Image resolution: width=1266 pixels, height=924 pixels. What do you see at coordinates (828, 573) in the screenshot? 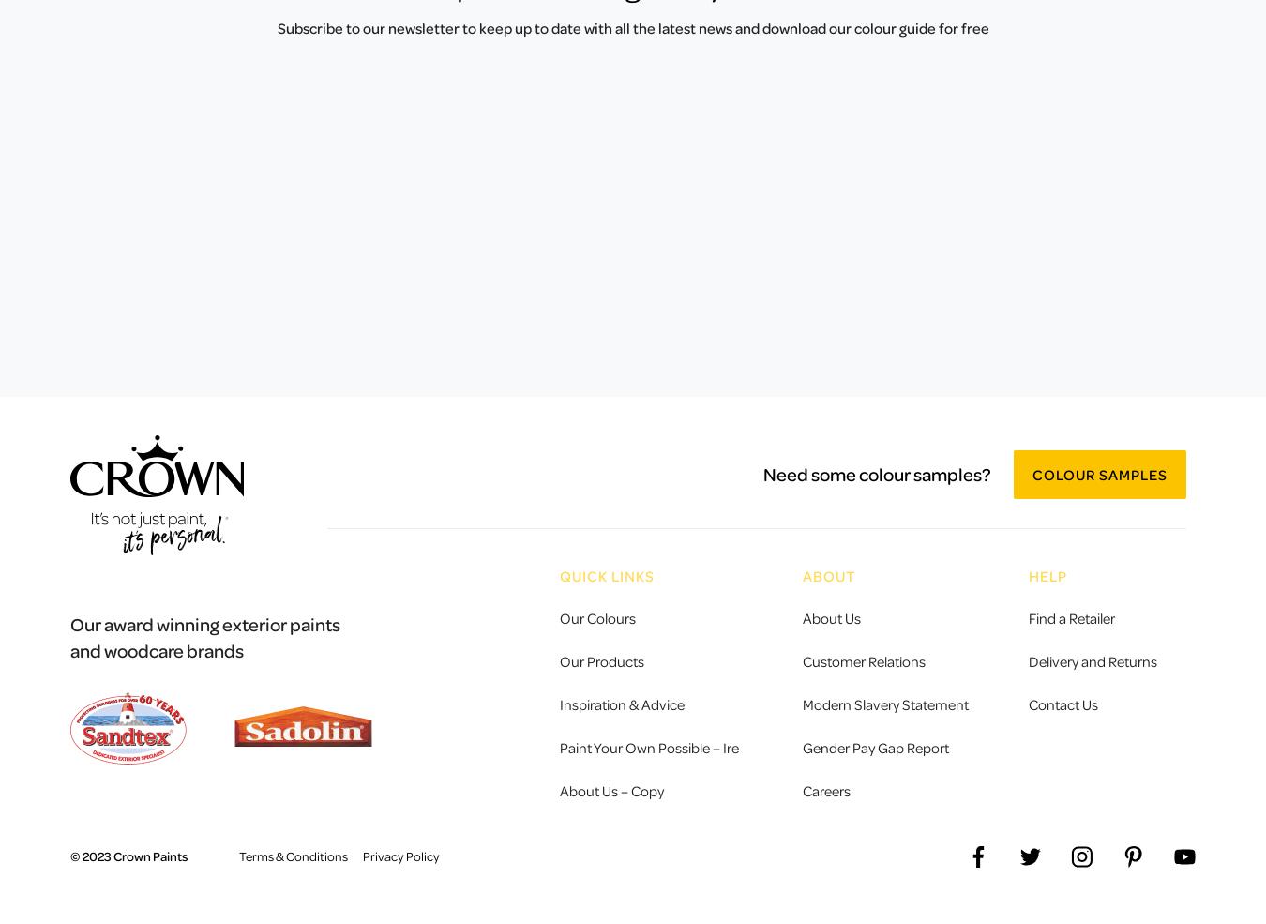
I see `'ABOUT'` at bounding box center [828, 573].